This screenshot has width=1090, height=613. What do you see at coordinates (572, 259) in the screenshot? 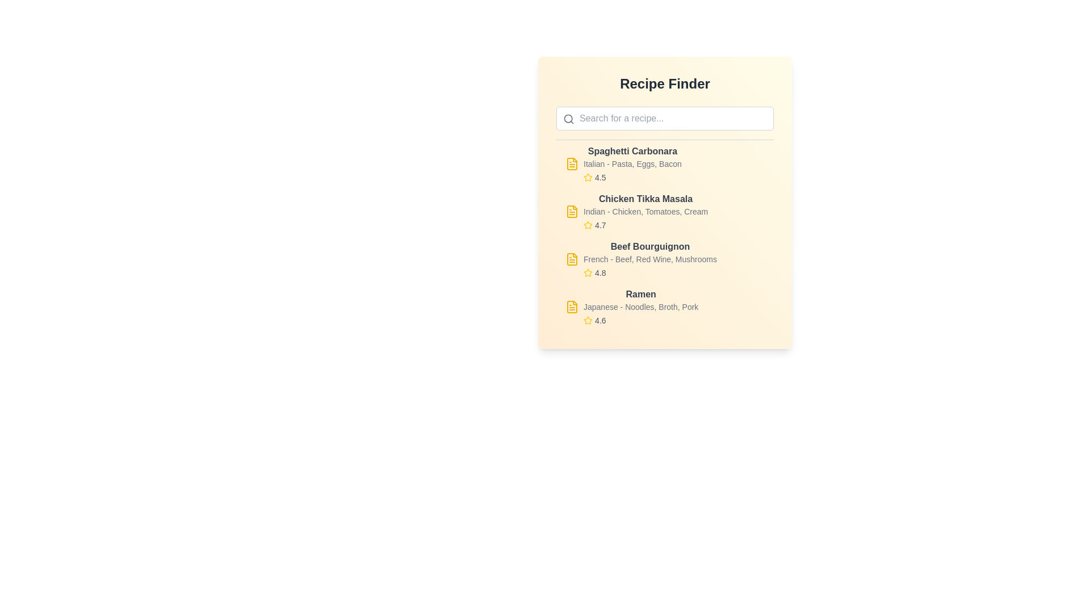
I see `the small yellow document icon located to the left of the 'Beef Bourguignon' entry in the recipe list` at bounding box center [572, 259].